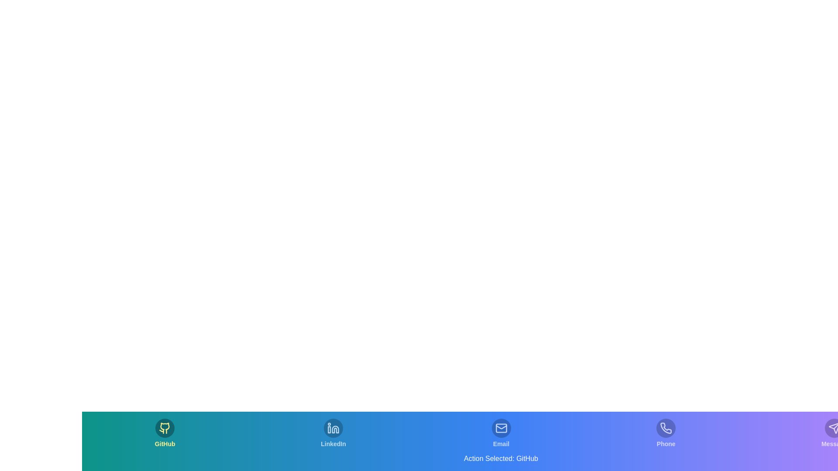 This screenshot has height=471, width=838. What do you see at coordinates (333, 433) in the screenshot?
I see `the tab corresponding to LinkedIn to observe the action text update` at bounding box center [333, 433].